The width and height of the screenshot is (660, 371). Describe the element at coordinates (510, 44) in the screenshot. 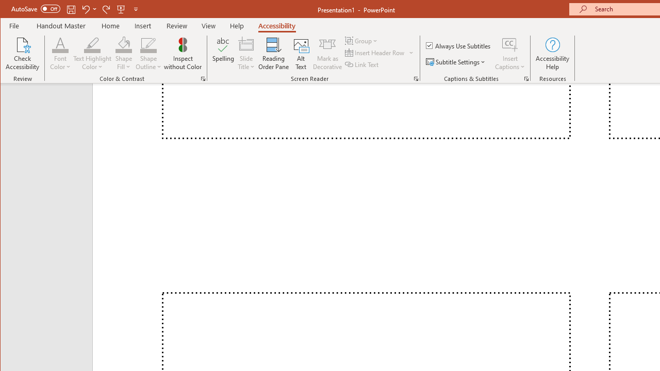

I see `'Insert Captions'` at that location.